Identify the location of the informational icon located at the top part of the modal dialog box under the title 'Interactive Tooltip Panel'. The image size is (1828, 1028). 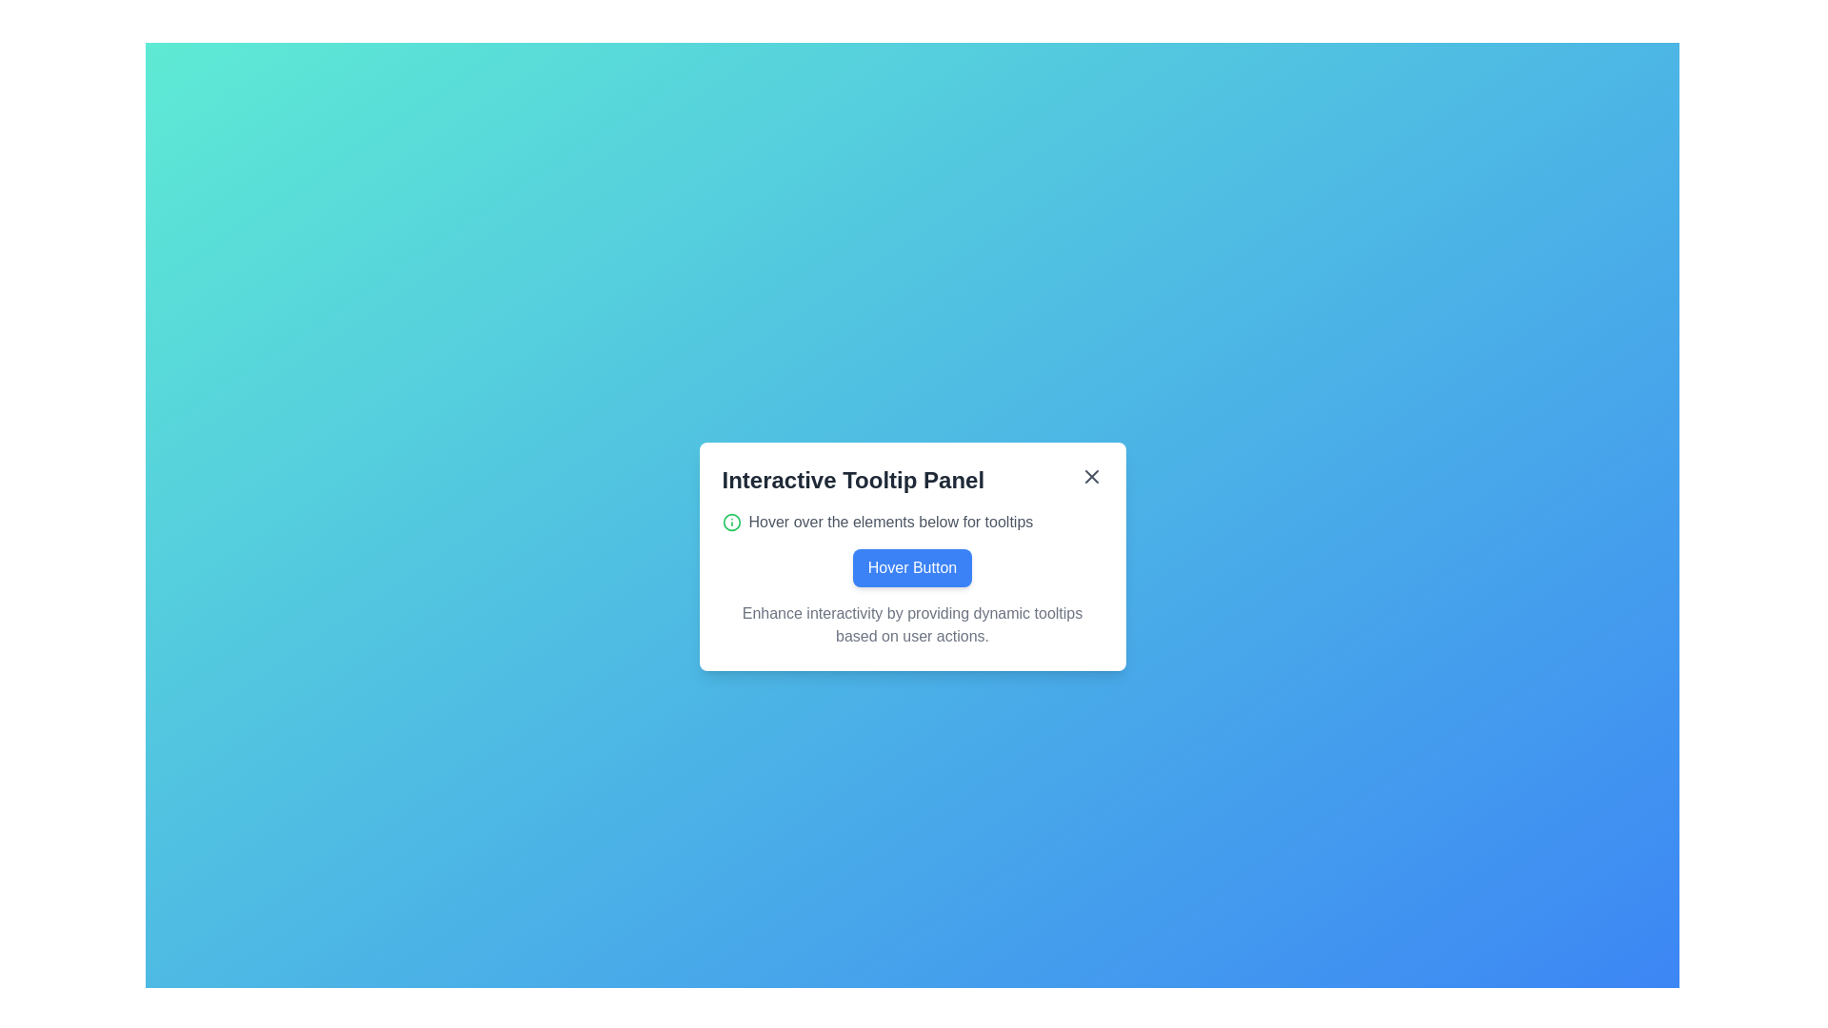
(911, 522).